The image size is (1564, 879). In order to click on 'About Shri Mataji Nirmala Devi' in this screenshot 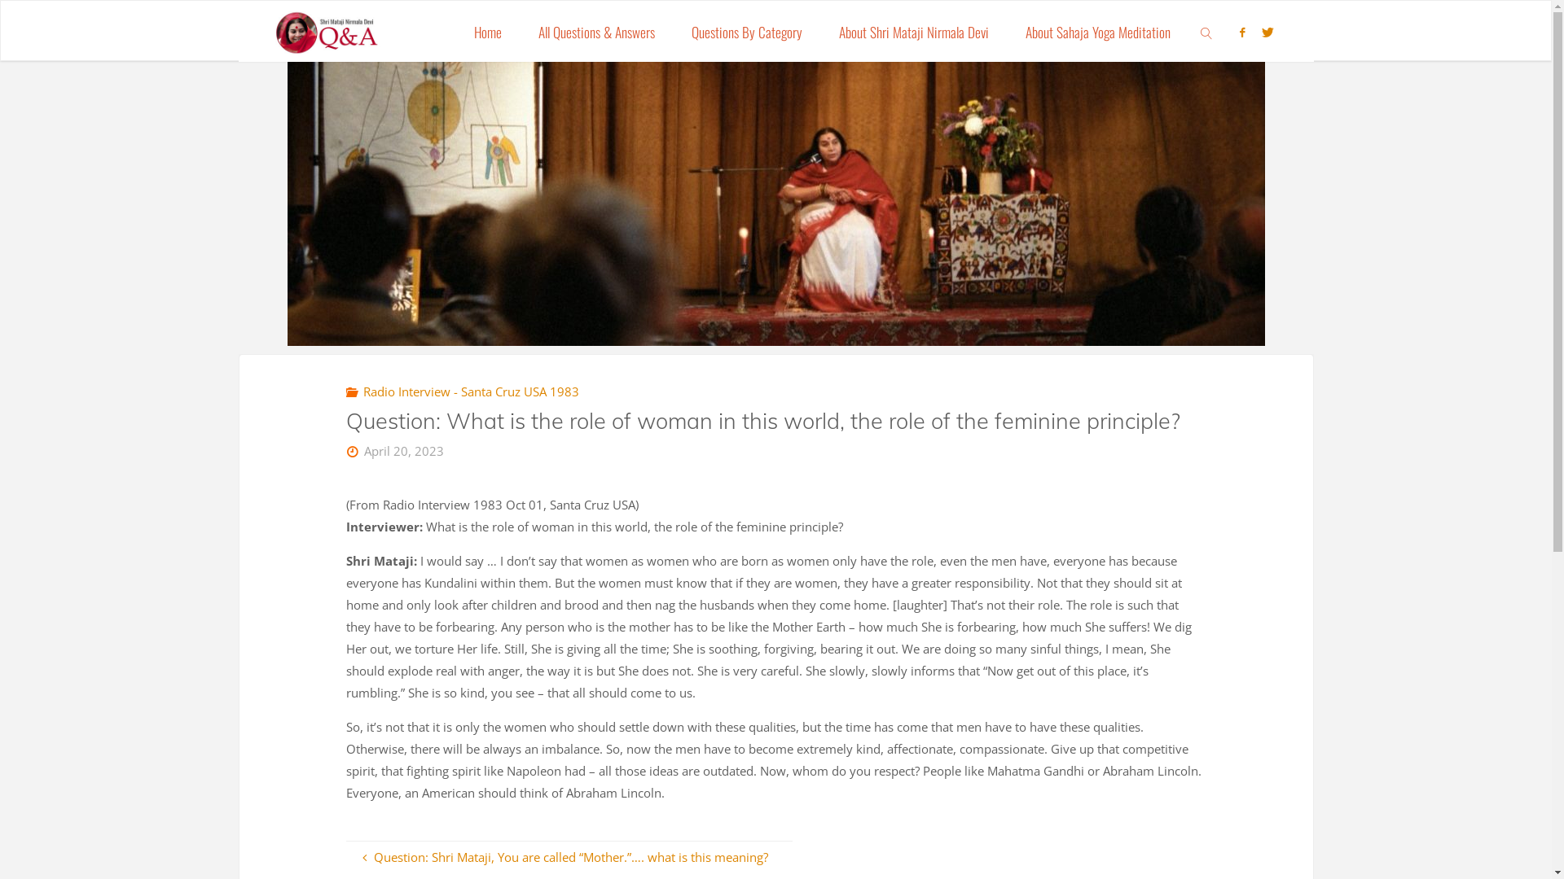, I will do `click(913, 31)`.